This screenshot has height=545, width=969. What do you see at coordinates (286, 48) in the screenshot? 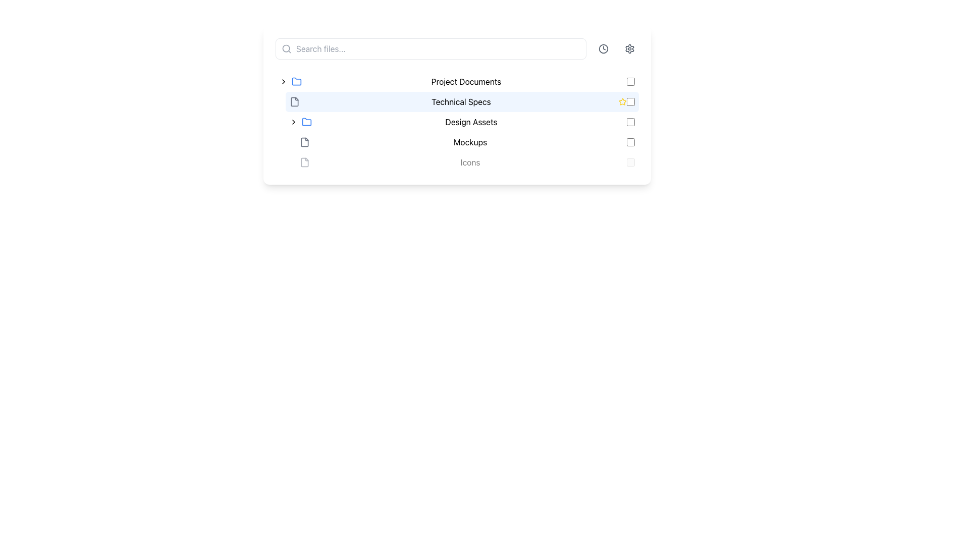
I see `the search input field adjacent to the magnifying glass icon` at bounding box center [286, 48].